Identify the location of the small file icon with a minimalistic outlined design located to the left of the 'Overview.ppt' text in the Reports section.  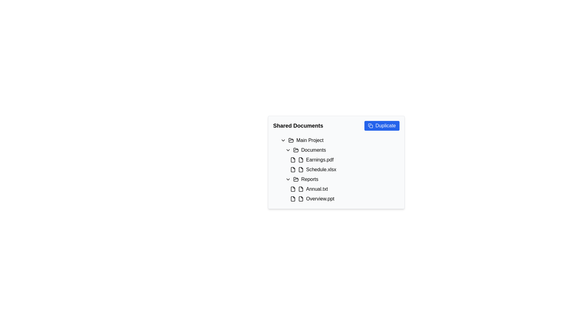
(301, 199).